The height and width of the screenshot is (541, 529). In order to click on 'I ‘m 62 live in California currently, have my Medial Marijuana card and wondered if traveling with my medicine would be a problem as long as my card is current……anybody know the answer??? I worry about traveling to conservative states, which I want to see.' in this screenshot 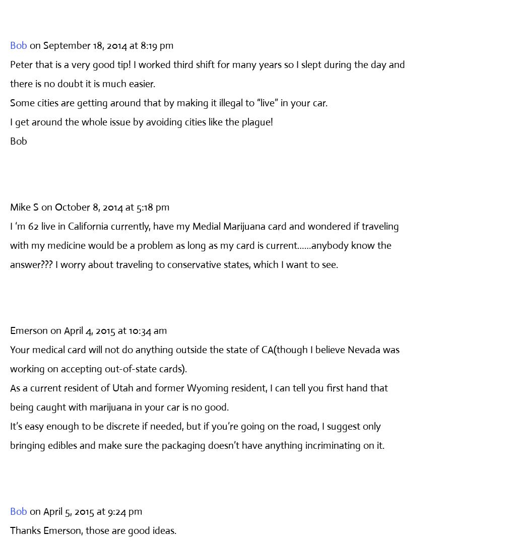, I will do `click(205, 245)`.